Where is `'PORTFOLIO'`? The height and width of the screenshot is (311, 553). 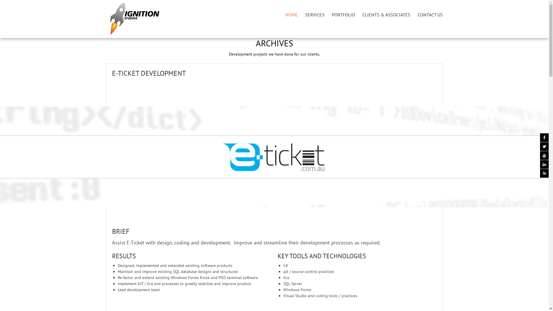 'PORTFOLIO' is located at coordinates (343, 14).